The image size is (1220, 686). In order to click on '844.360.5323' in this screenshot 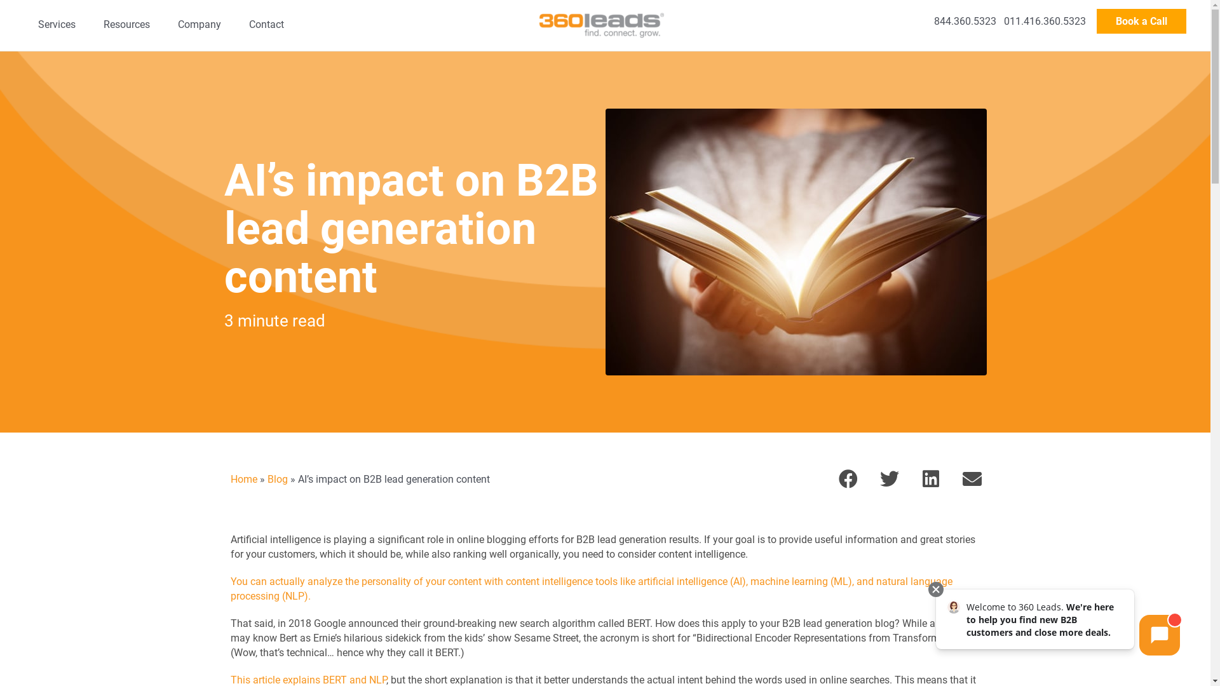, I will do `click(933, 21)`.